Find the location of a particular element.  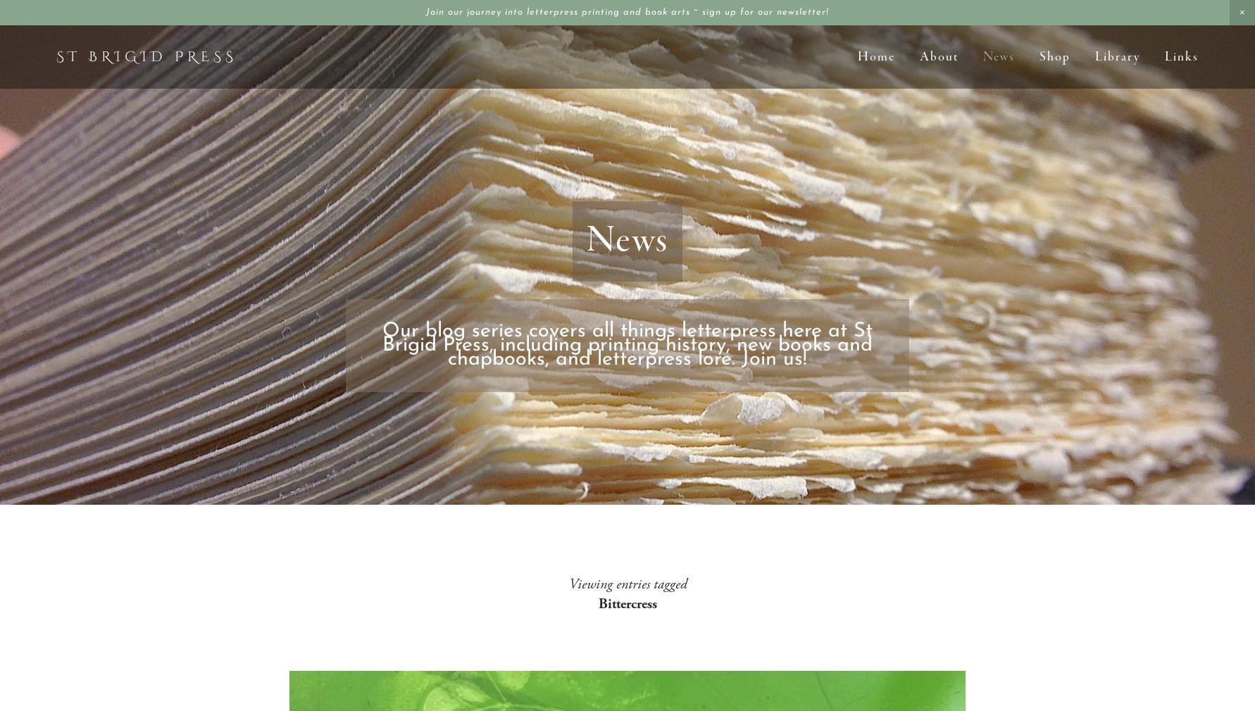

'Library' is located at coordinates (1117, 56).